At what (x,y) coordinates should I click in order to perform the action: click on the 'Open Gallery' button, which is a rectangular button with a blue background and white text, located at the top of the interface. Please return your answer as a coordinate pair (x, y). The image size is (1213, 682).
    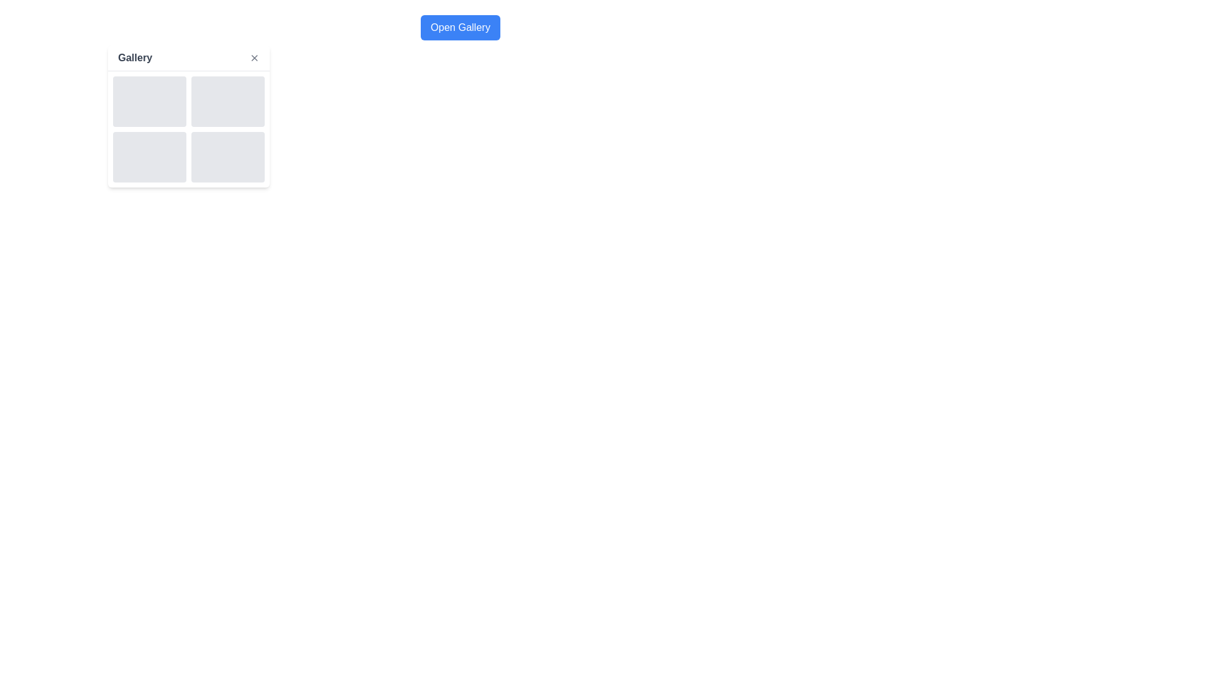
    Looking at the image, I should click on (460, 27).